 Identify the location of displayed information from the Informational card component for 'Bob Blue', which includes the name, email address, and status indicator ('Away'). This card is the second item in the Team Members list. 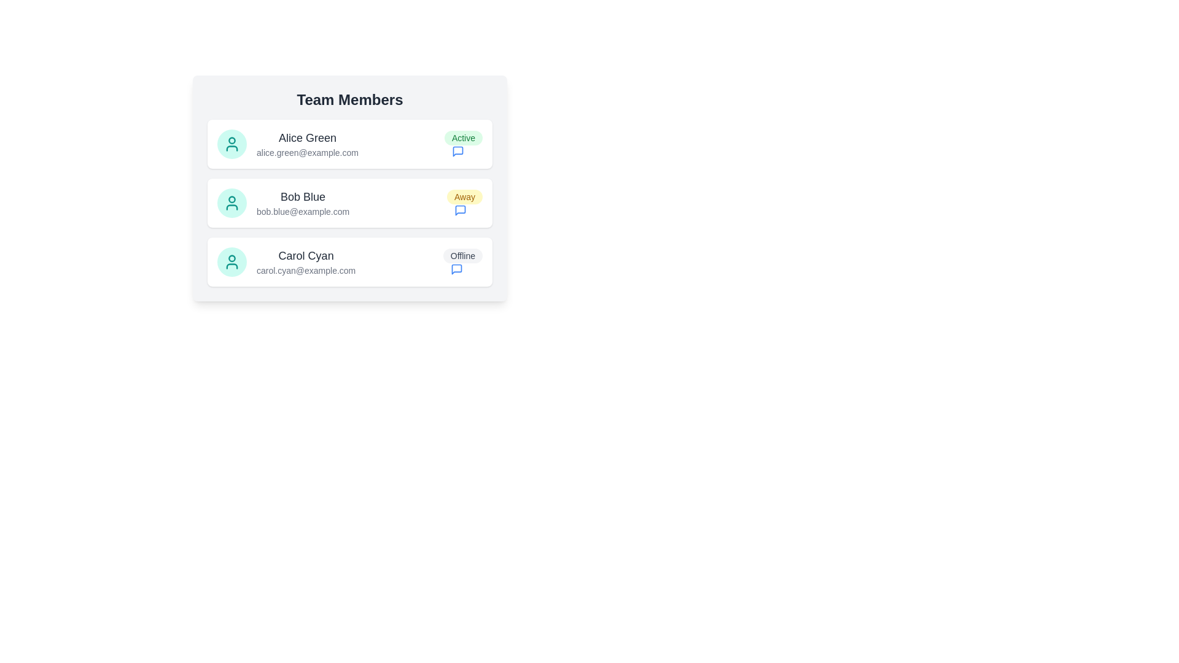
(349, 188).